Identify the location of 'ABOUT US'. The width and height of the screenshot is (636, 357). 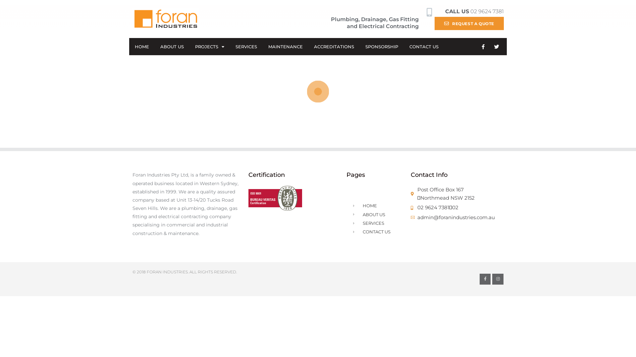
(172, 46).